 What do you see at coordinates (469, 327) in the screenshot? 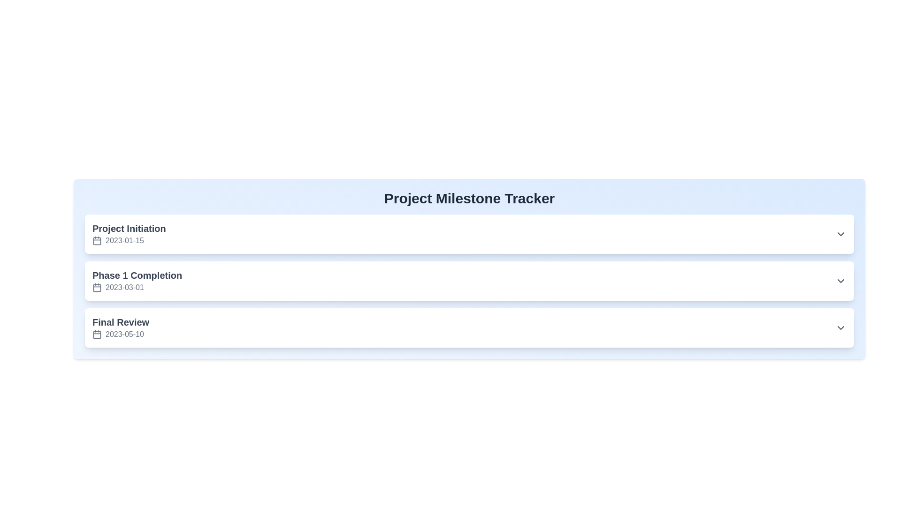
I see `the milestone entry labeled 'Final Review' in the Project Milestone Tracker` at bounding box center [469, 327].